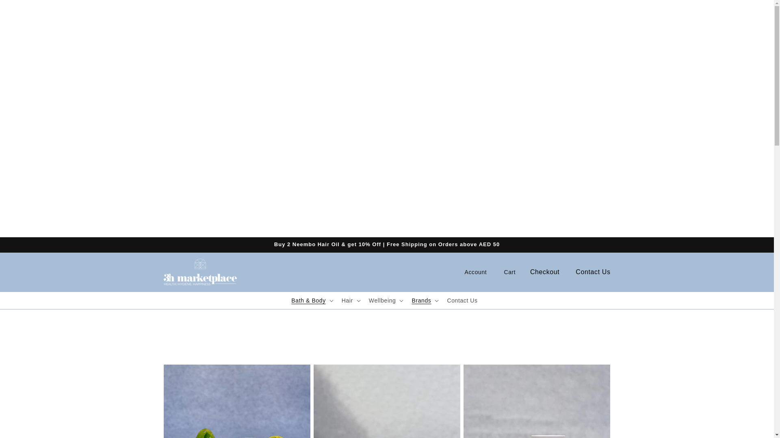 The height and width of the screenshot is (438, 780). What do you see at coordinates (593, 272) in the screenshot?
I see `'Contact Us'` at bounding box center [593, 272].